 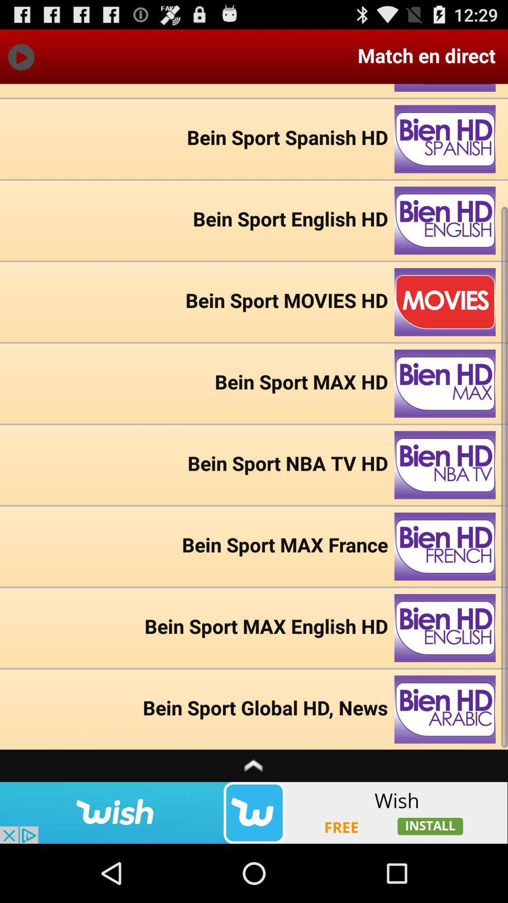 What do you see at coordinates (254, 766) in the screenshot?
I see `move upwards` at bounding box center [254, 766].